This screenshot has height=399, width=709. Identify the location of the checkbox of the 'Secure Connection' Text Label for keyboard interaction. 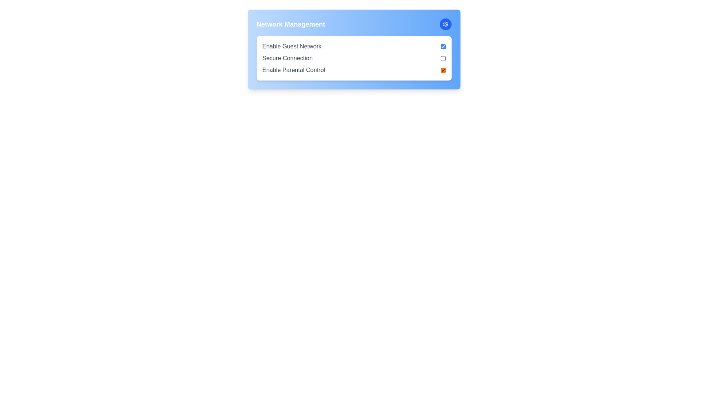
(353, 58).